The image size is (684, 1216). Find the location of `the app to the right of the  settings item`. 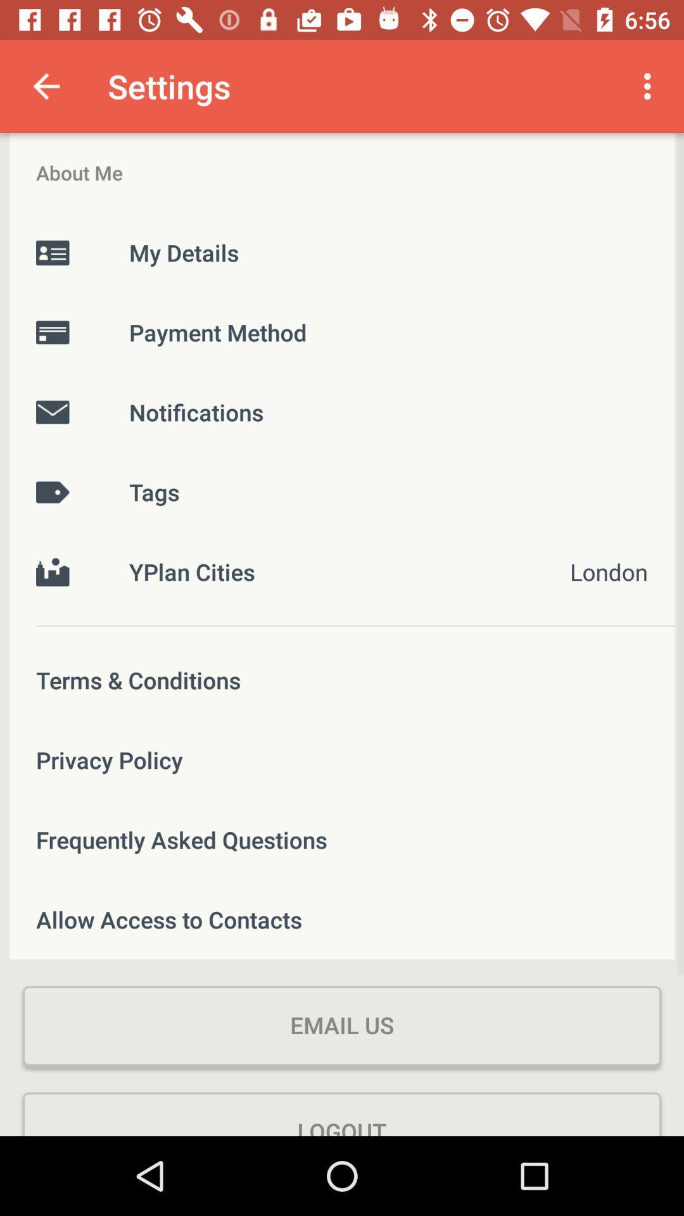

the app to the right of the  settings item is located at coordinates (650, 85).